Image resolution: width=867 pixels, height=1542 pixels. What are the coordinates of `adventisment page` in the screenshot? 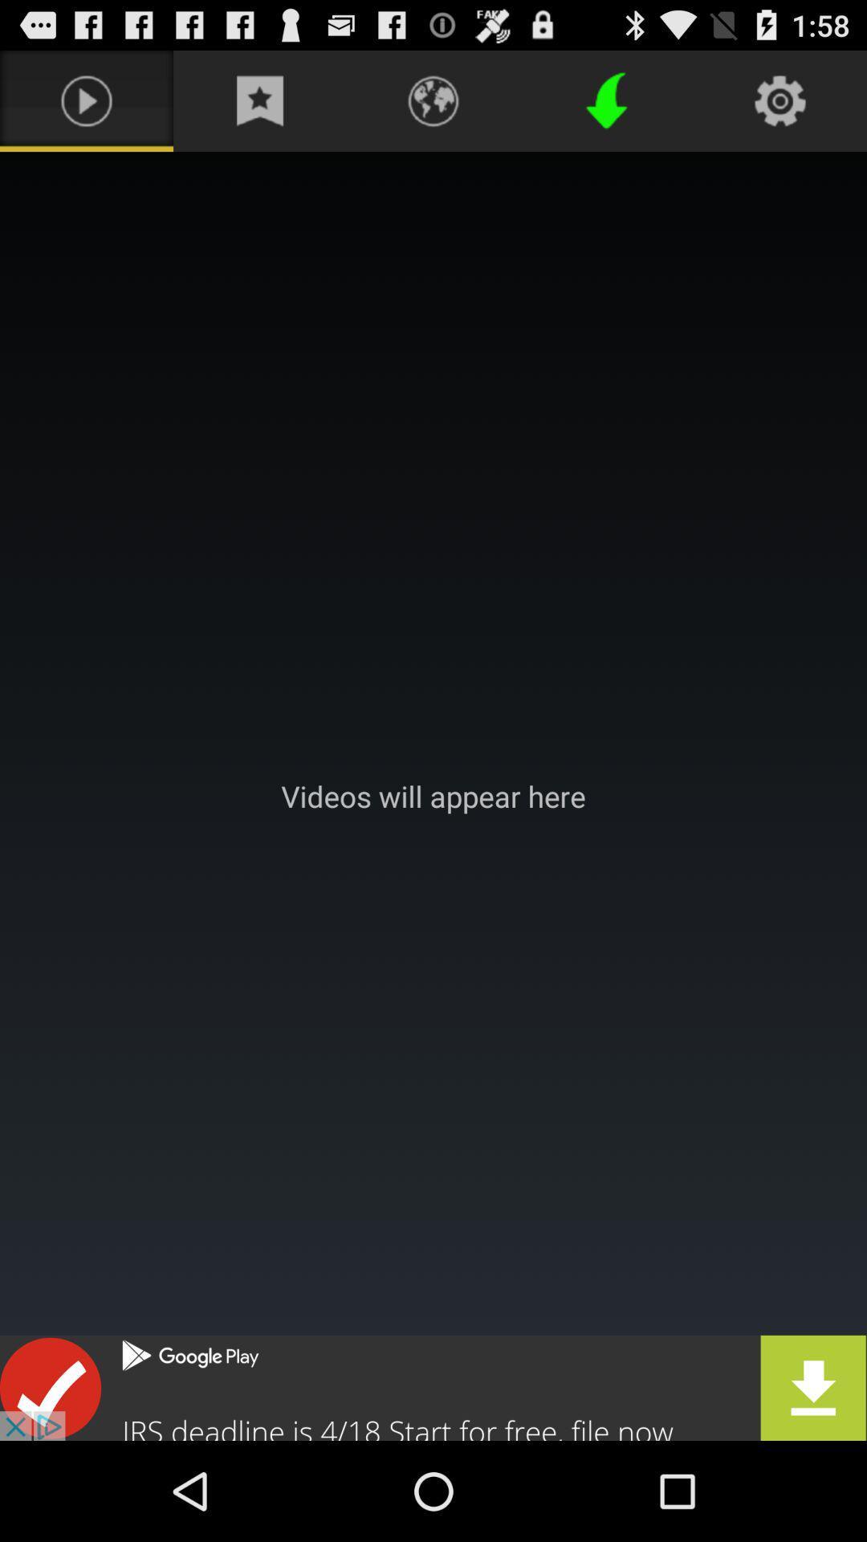 It's located at (433, 796).